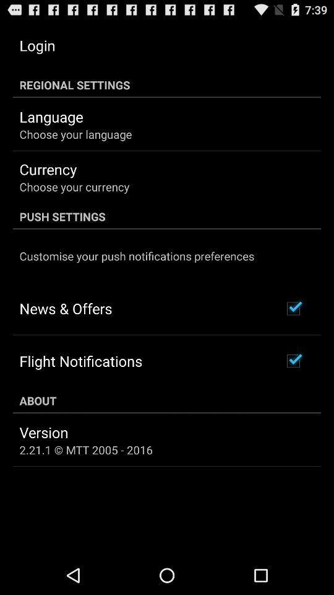 This screenshot has width=334, height=595. I want to click on item above regional settings icon, so click(37, 45).